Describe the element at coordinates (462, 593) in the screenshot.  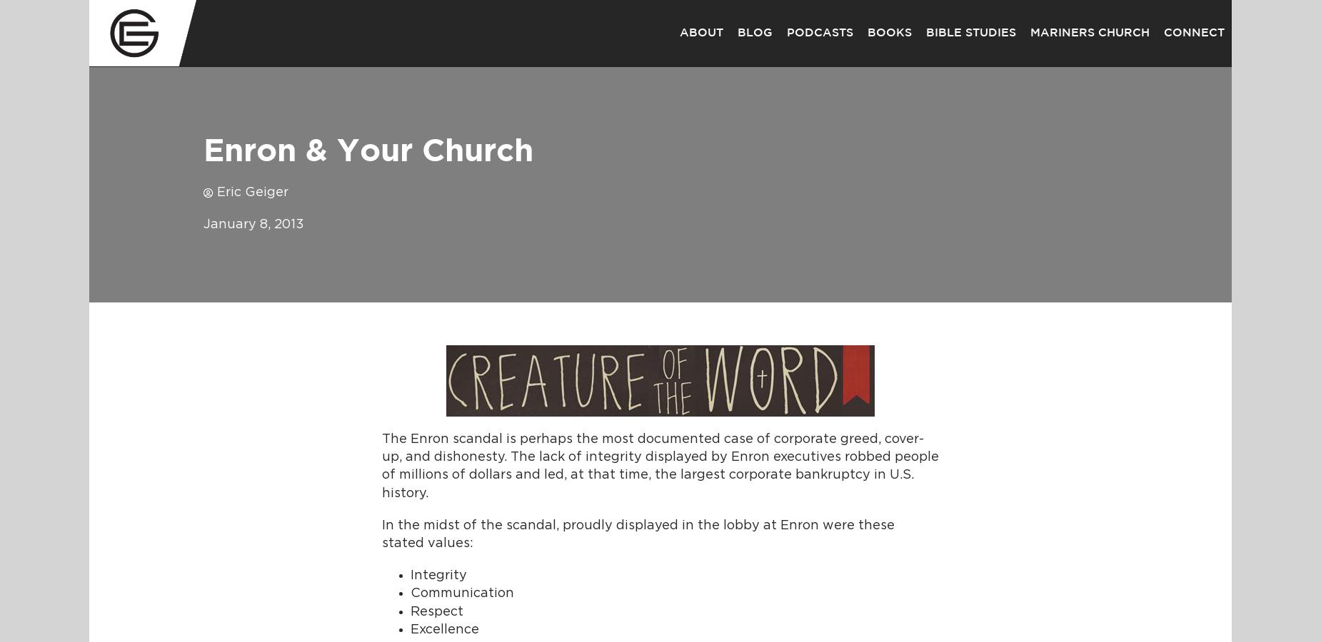
I see `'Communication'` at that location.